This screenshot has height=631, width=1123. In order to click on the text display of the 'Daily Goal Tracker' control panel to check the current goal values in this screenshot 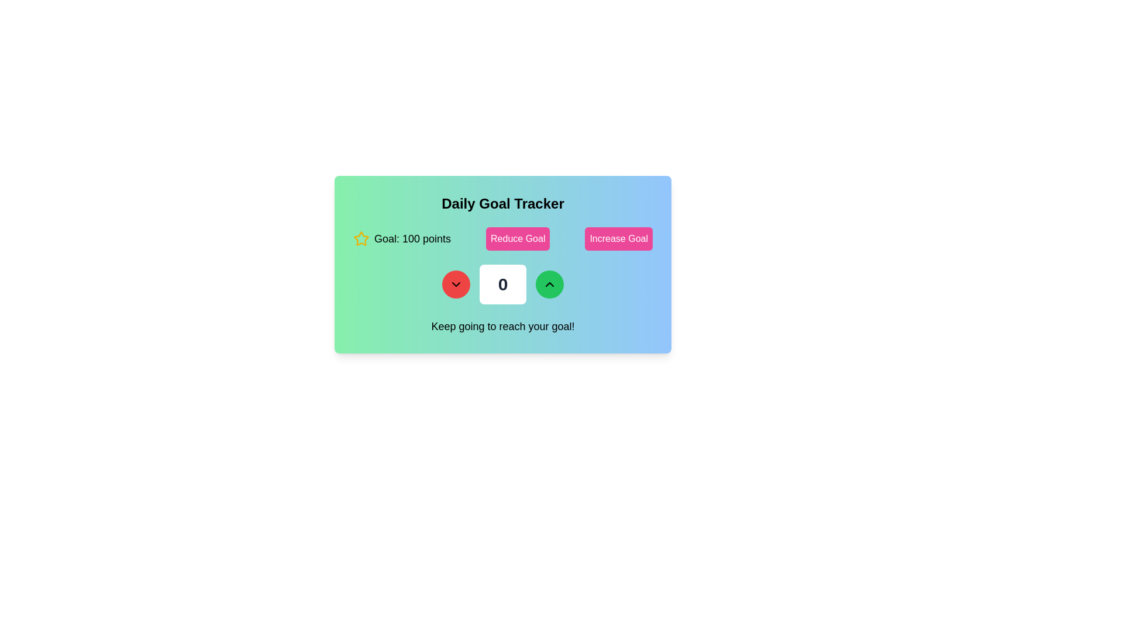, I will do `click(502, 238)`.